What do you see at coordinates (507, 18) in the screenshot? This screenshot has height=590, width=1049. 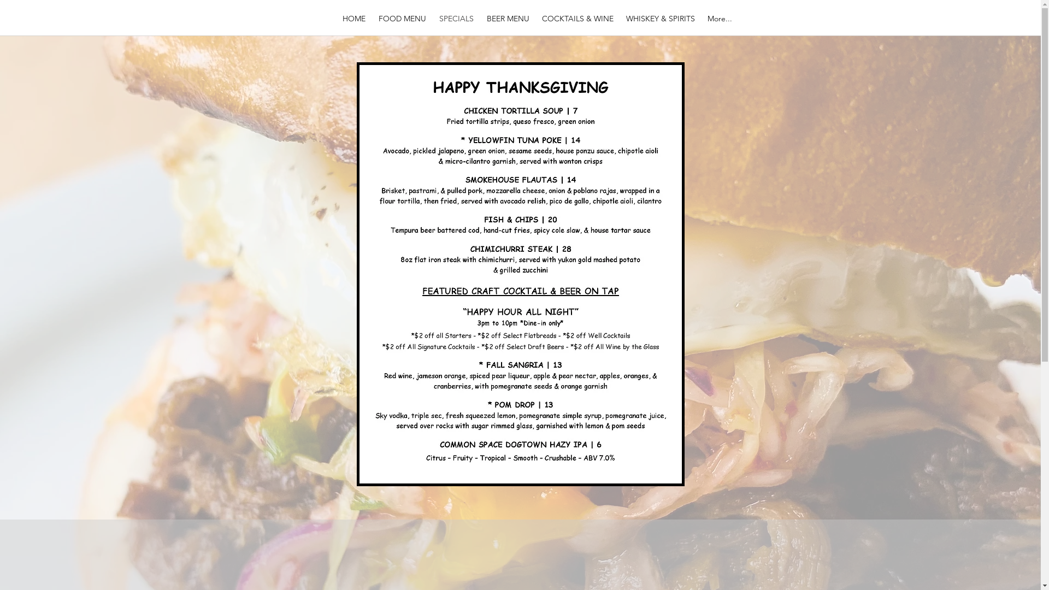 I see `'BEER MENU'` at bounding box center [507, 18].